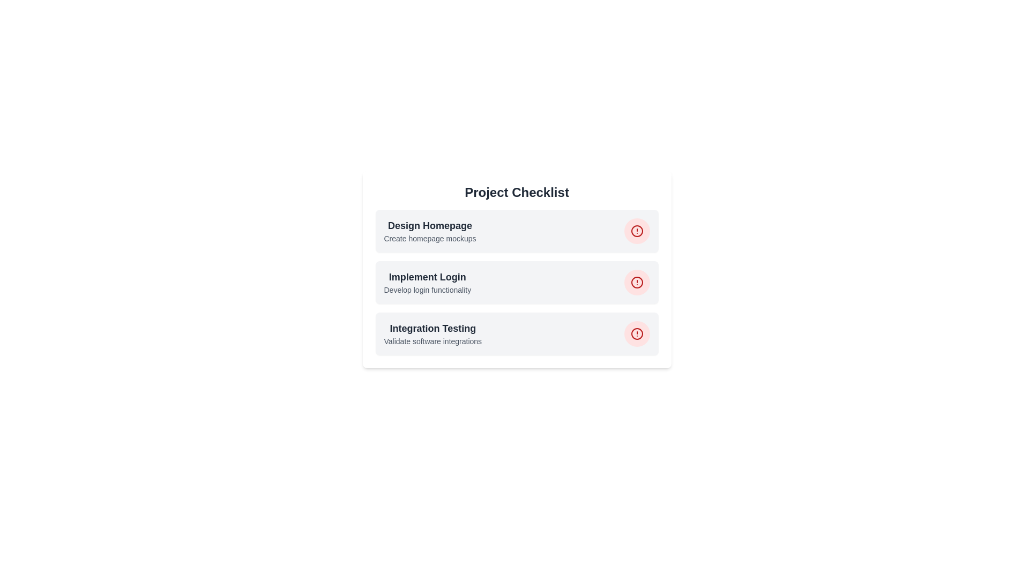  Describe the element at coordinates (433, 341) in the screenshot. I see `the static text element providing context for the main heading 'Integration Testing', located in the bottom row of a vertical list structure, directly below the 'Integration Testing' text` at that location.